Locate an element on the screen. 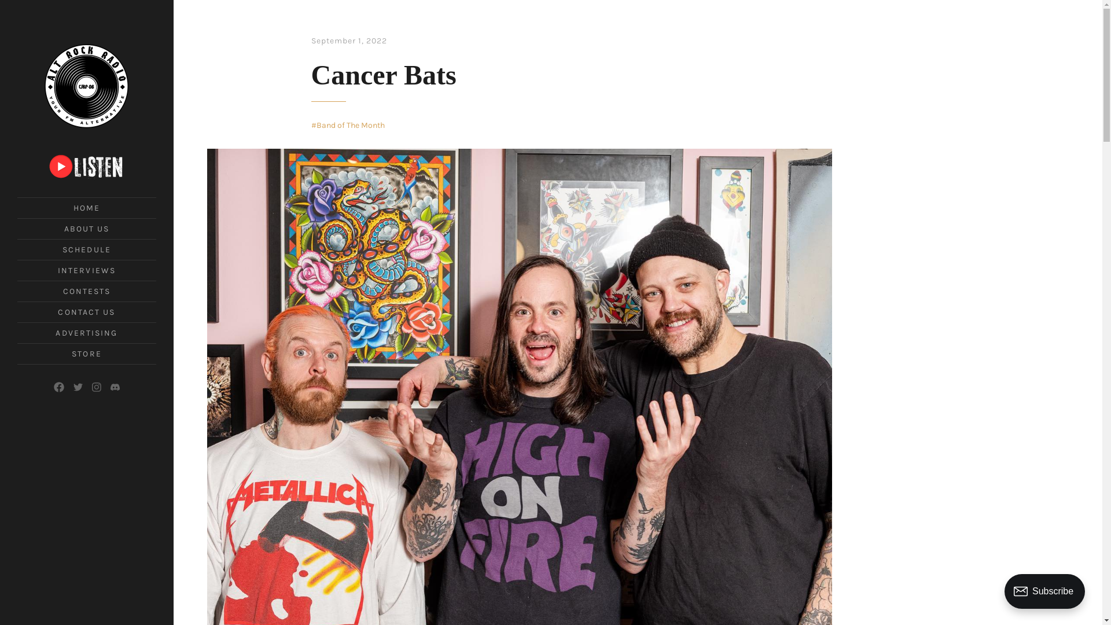 The image size is (1111, 625). 'HOME' is located at coordinates (86, 207).